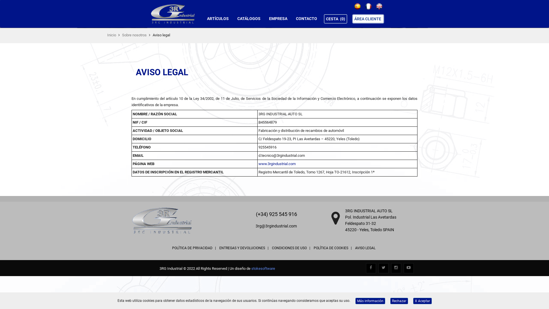  What do you see at coordinates (278, 18) in the screenshot?
I see `'EMPRESA'` at bounding box center [278, 18].